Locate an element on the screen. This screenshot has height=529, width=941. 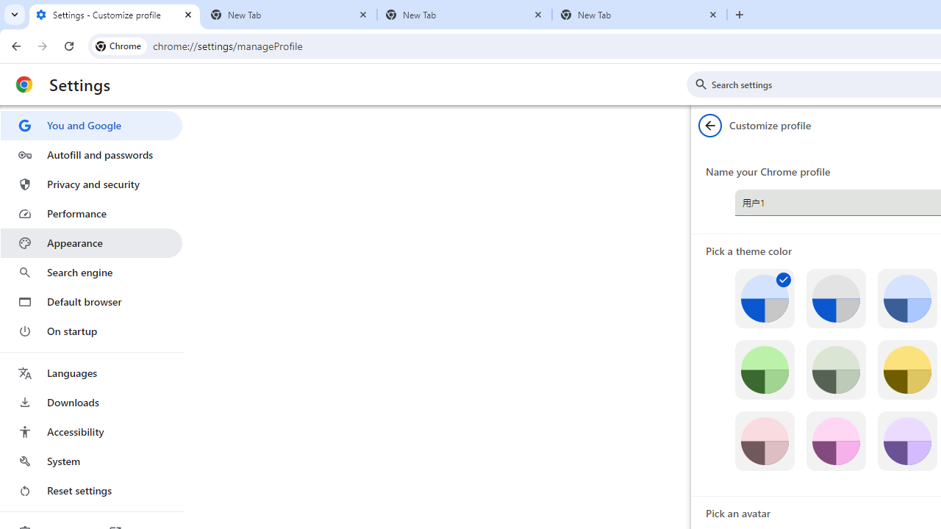
'New Tab' is located at coordinates (640, 15).